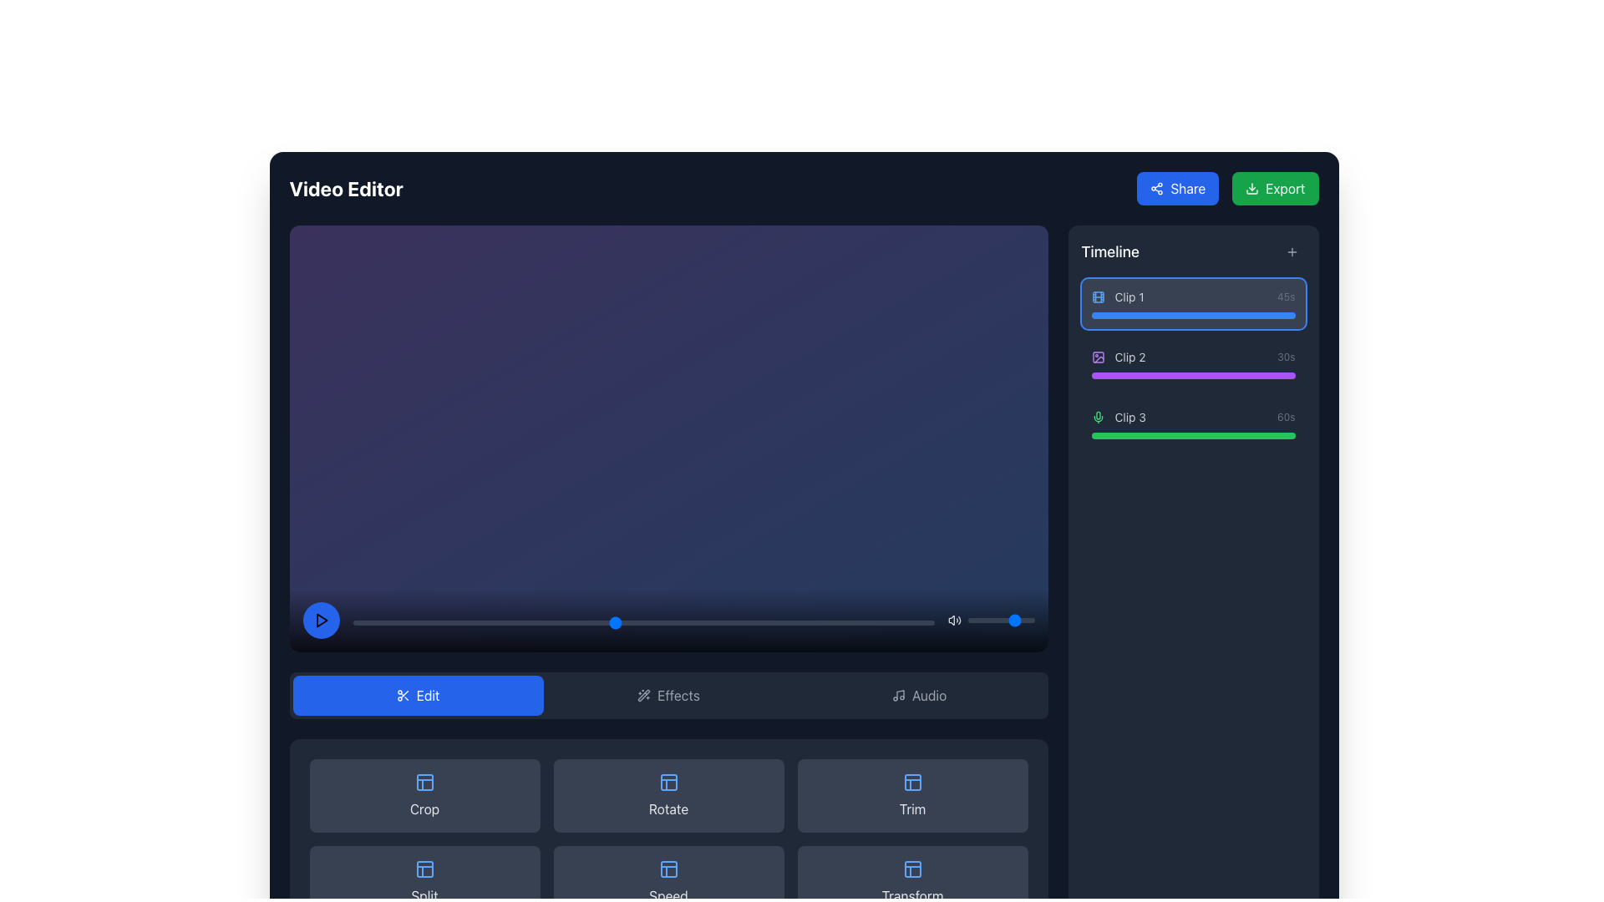  What do you see at coordinates (1098, 296) in the screenshot?
I see `the central rectangular SVG element representing the first clip ('Clip 1') in the timeline list` at bounding box center [1098, 296].